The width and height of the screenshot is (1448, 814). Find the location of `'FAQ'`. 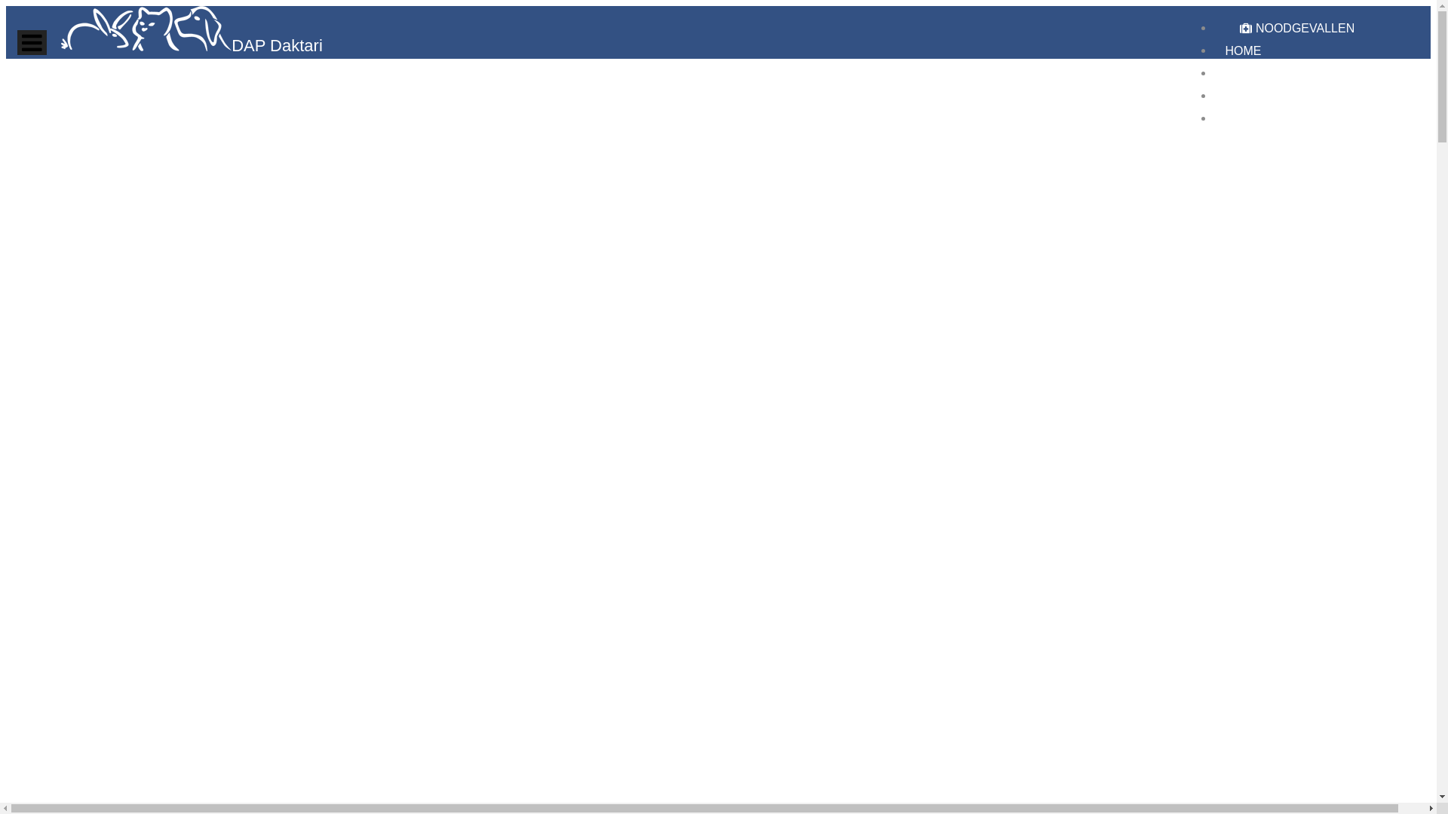

'FAQ' is located at coordinates (1237, 96).